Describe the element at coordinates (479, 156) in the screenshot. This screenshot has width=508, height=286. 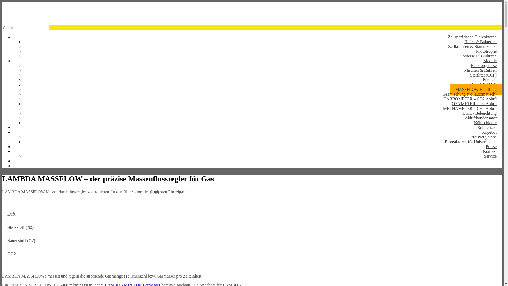
I see `'Service'` at that location.